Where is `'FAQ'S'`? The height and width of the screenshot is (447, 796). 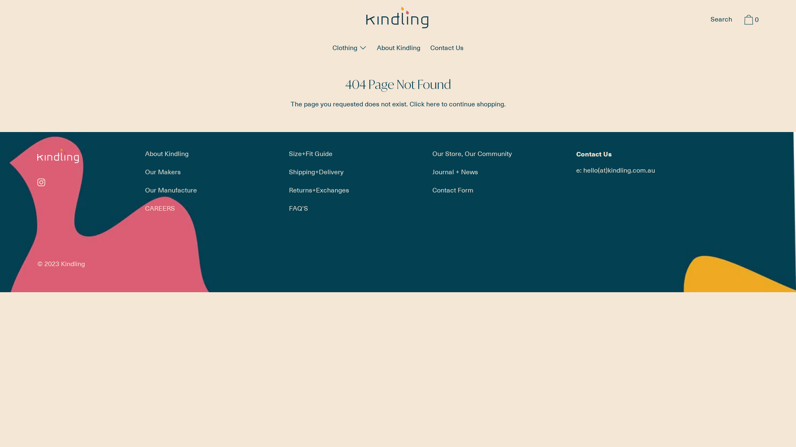 'FAQ'S' is located at coordinates (284, 207).